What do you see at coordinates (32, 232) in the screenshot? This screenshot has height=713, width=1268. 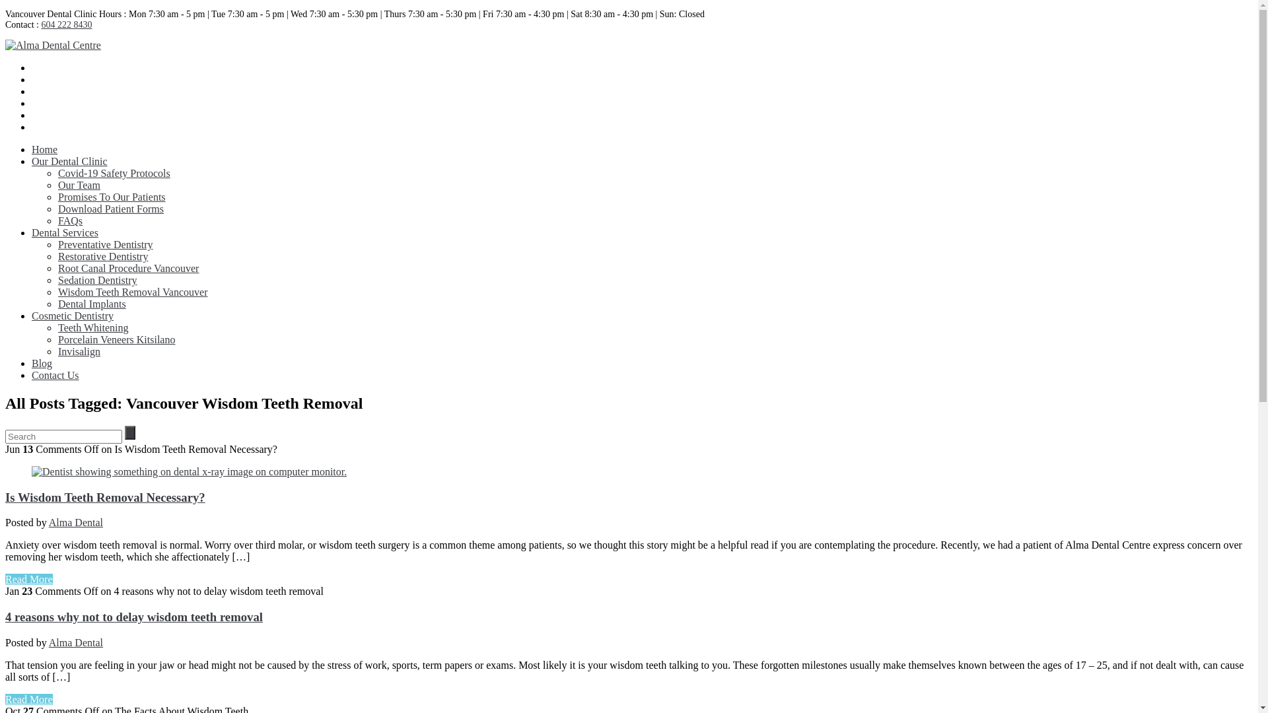 I see `'Dental Services'` at bounding box center [32, 232].